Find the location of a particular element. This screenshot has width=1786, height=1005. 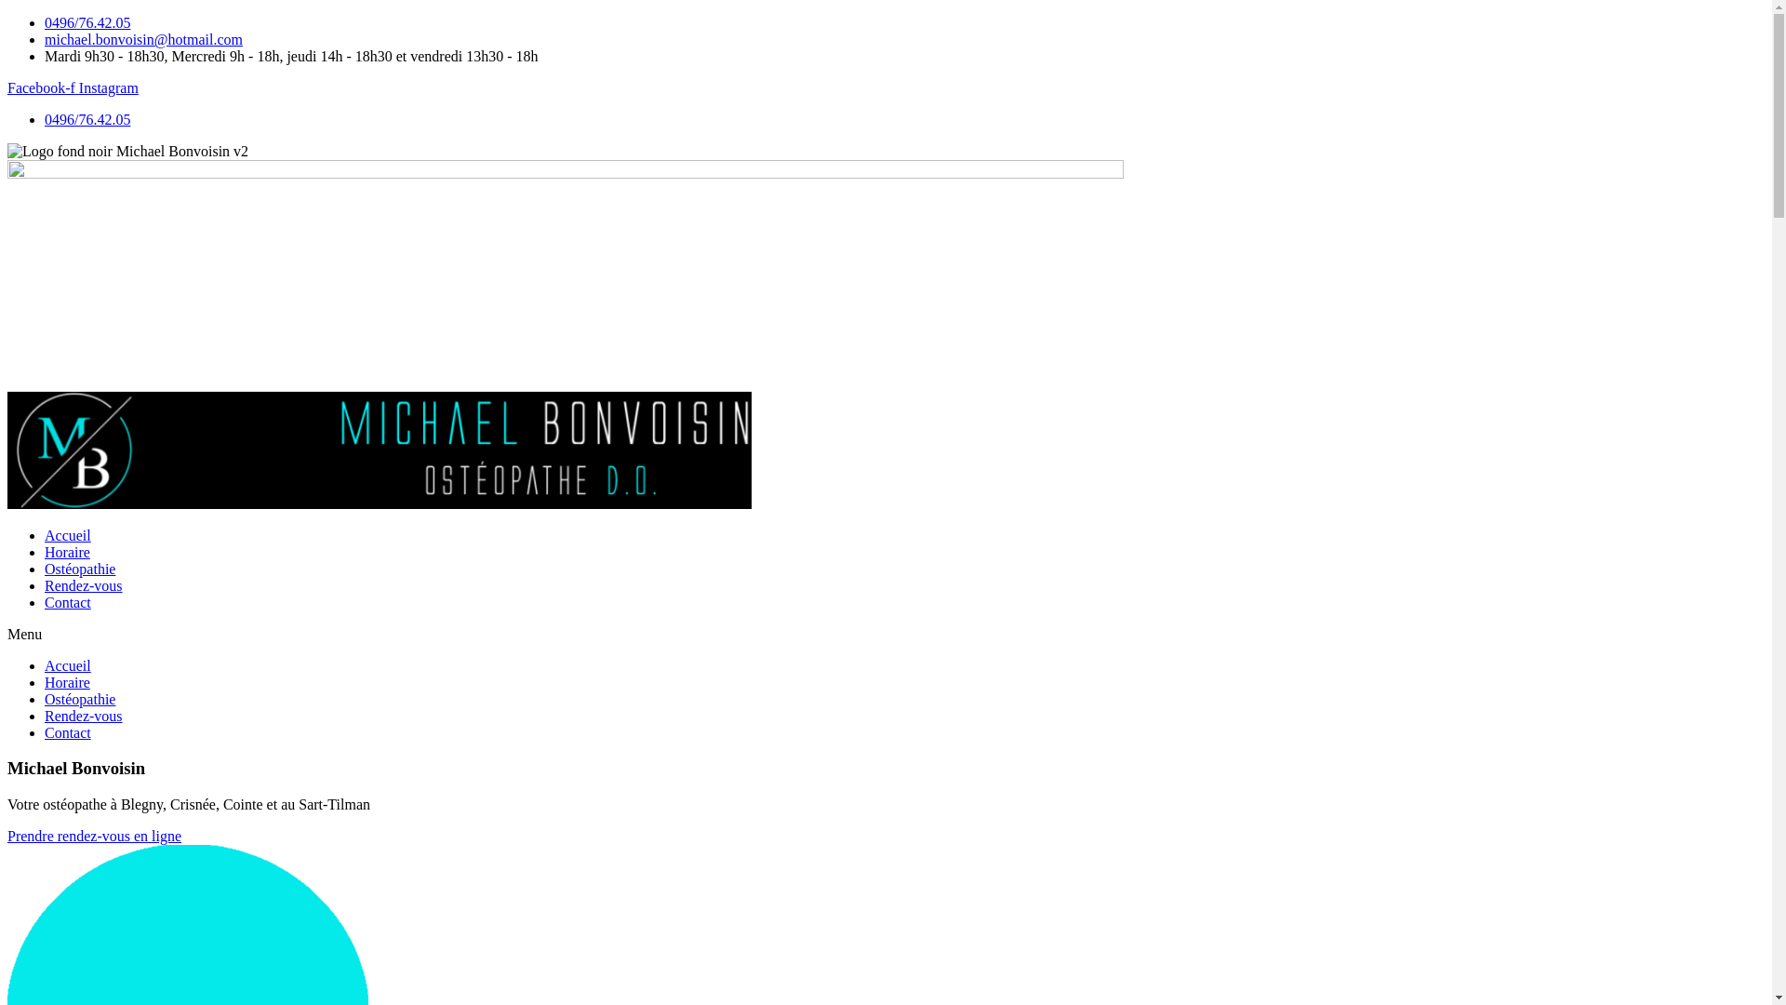

'Contact' is located at coordinates (67, 602).